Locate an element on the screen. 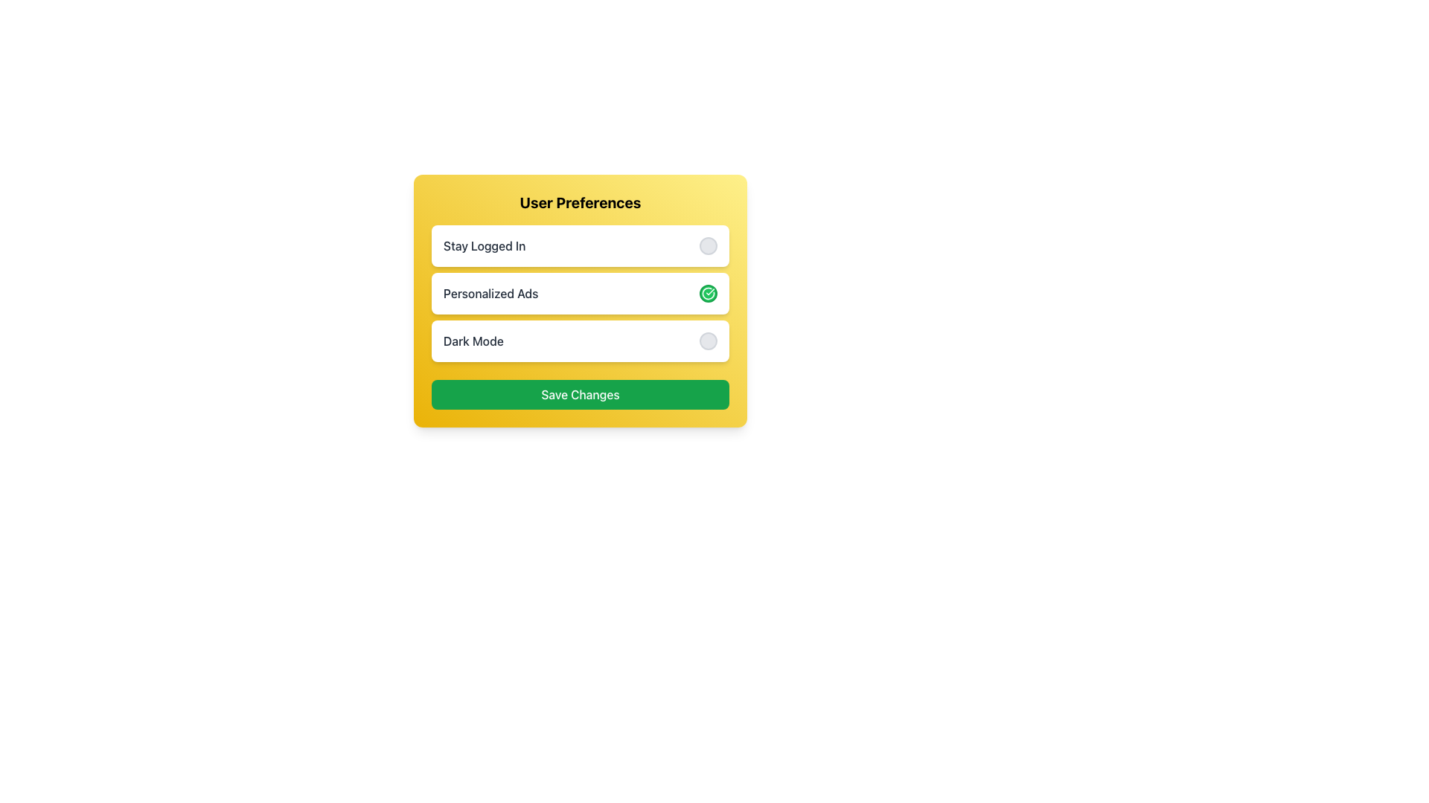 The height and width of the screenshot is (803, 1429). the toggle button located next is located at coordinates (707, 245).